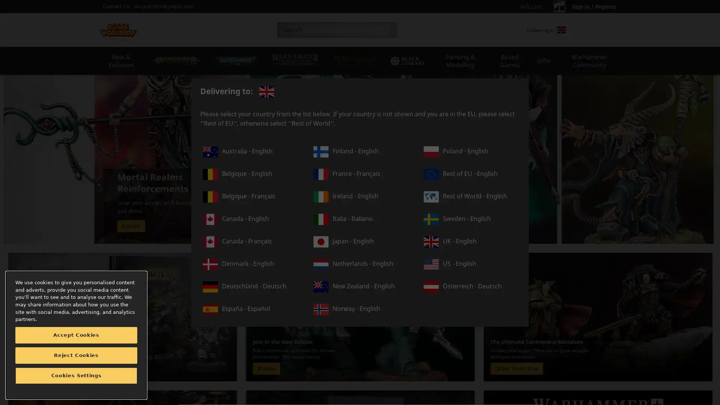 The height and width of the screenshot is (405, 720). What do you see at coordinates (76, 355) in the screenshot?
I see `Reject Cookies` at bounding box center [76, 355].